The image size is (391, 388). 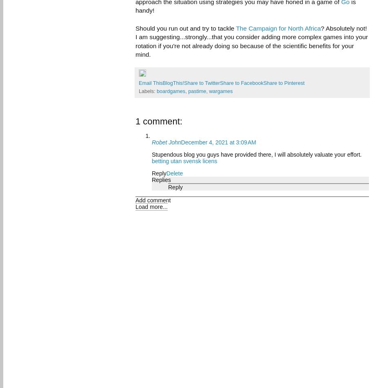 I want to click on 'The Campaign for North Africa', so click(x=278, y=28).